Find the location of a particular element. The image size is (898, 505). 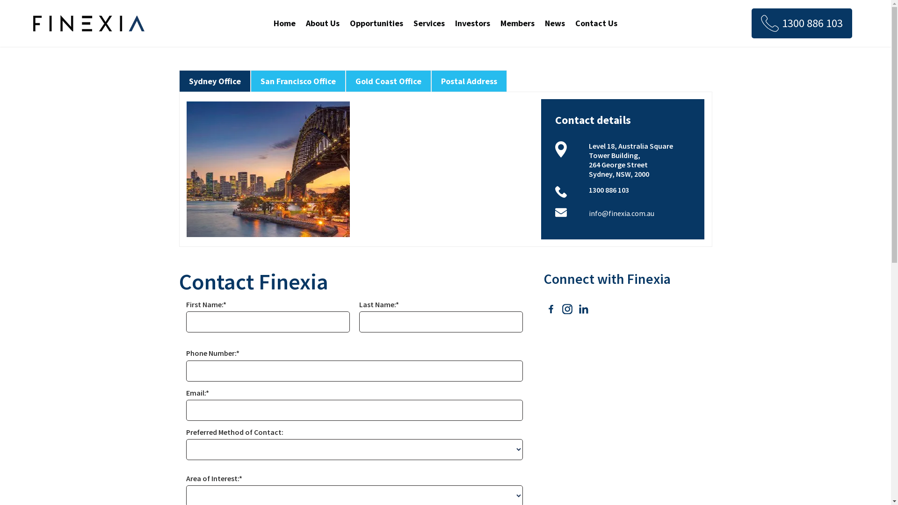

'1300 886 103' is located at coordinates (801, 23).